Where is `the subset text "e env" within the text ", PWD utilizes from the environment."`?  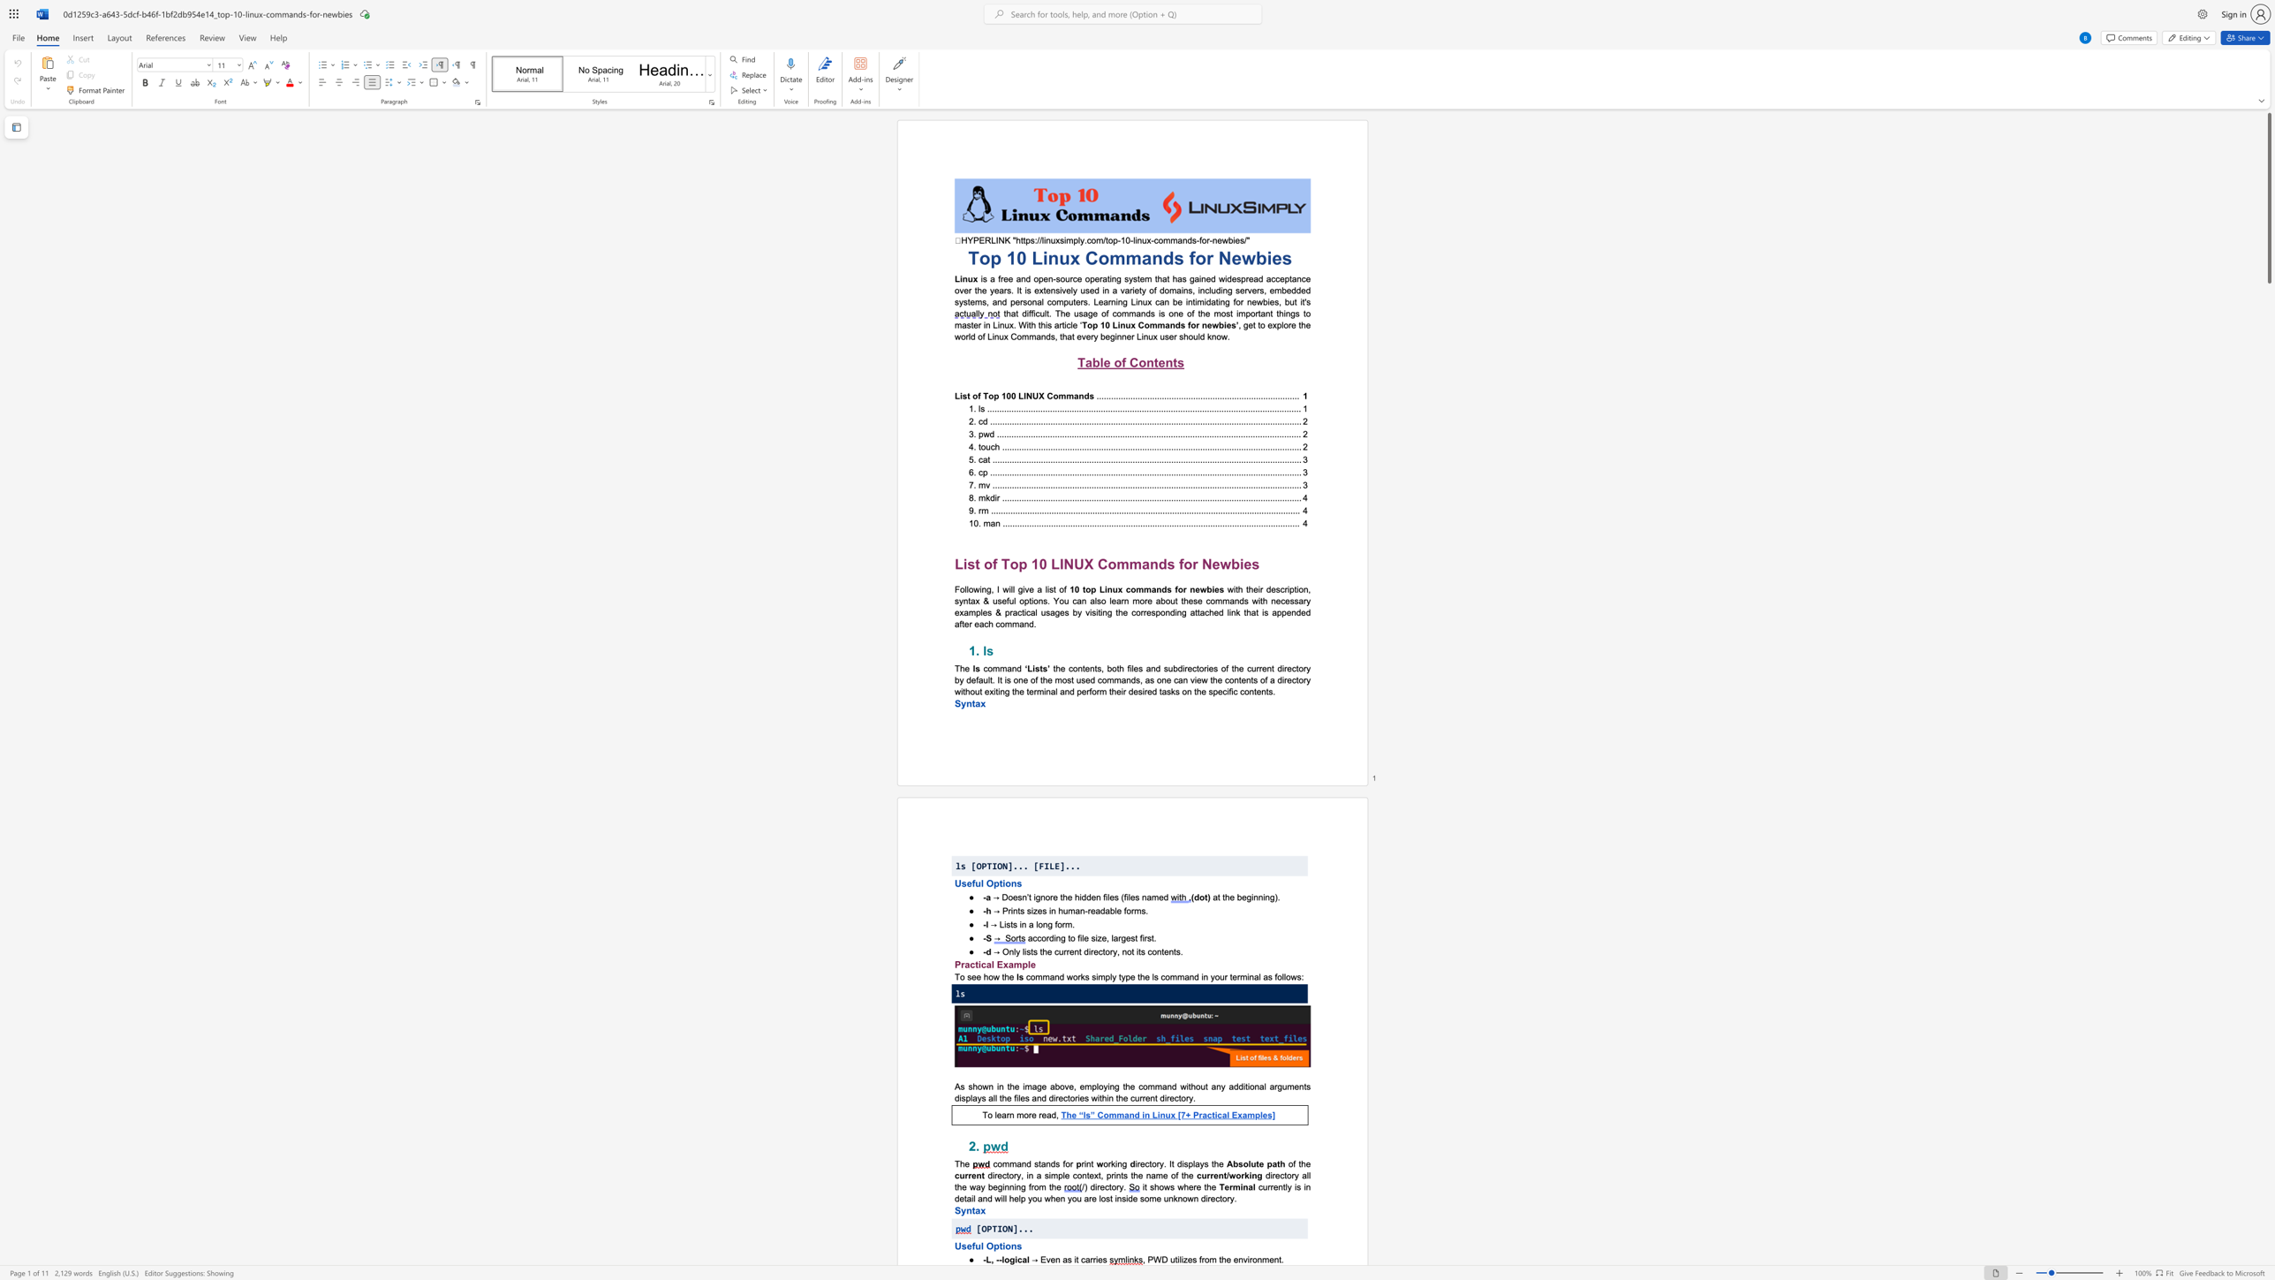 the subset text "e env" within the text ", PWD utilizes from the environment." is located at coordinates (1226, 1258).